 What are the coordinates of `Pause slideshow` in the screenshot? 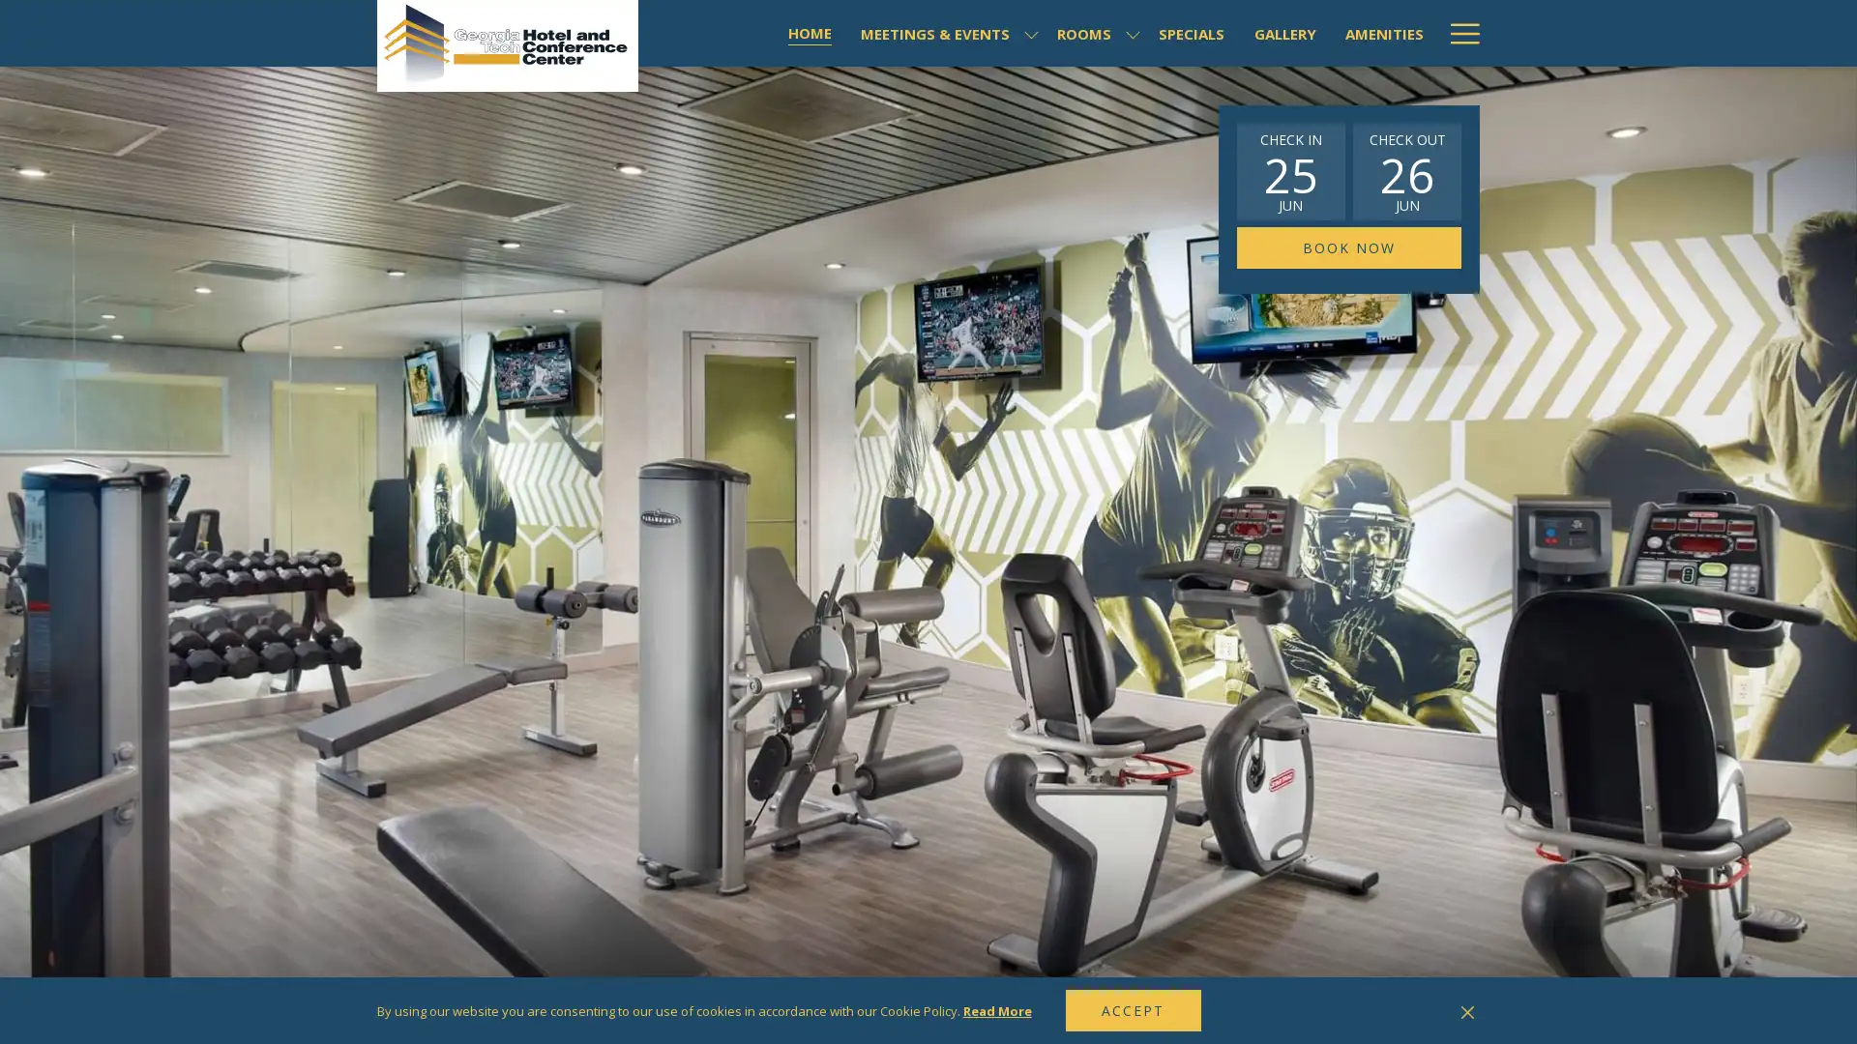 It's located at (1445, 1011).